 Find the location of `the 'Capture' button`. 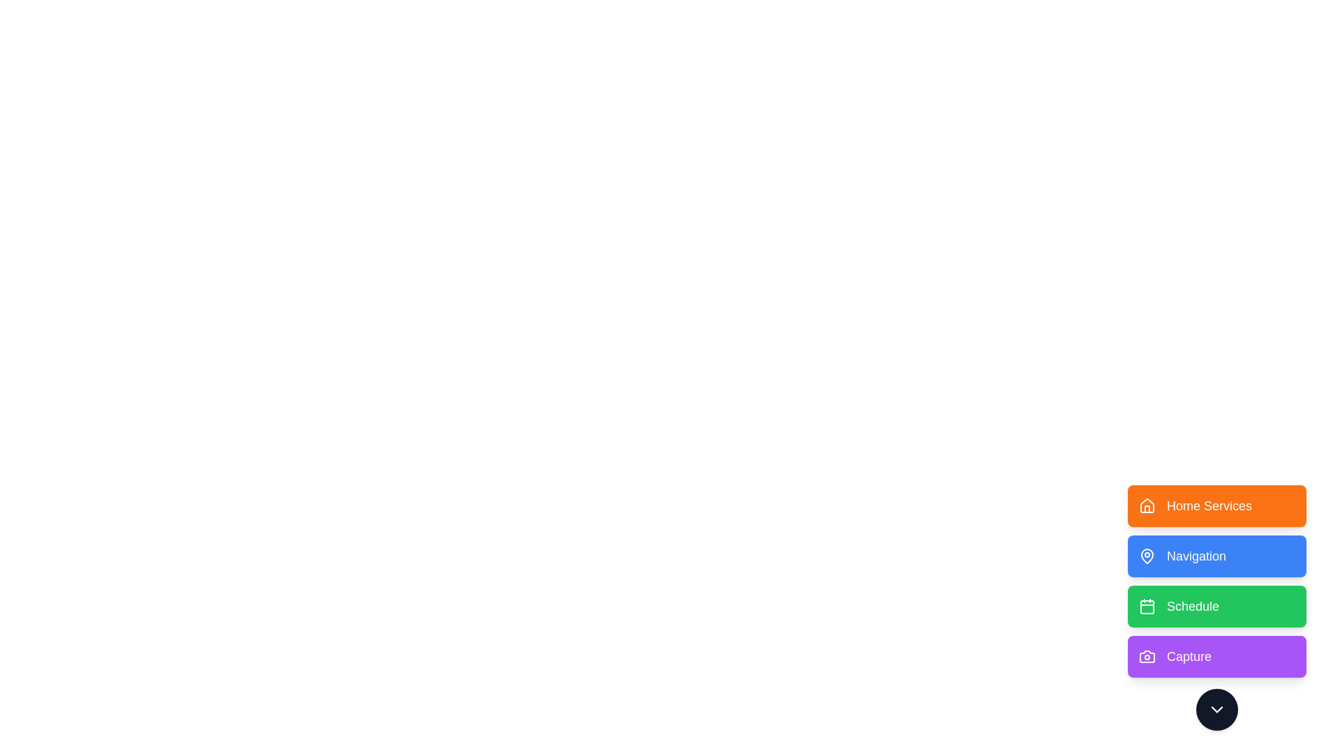

the 'Capture' button is located at coordinates (1216, 656).